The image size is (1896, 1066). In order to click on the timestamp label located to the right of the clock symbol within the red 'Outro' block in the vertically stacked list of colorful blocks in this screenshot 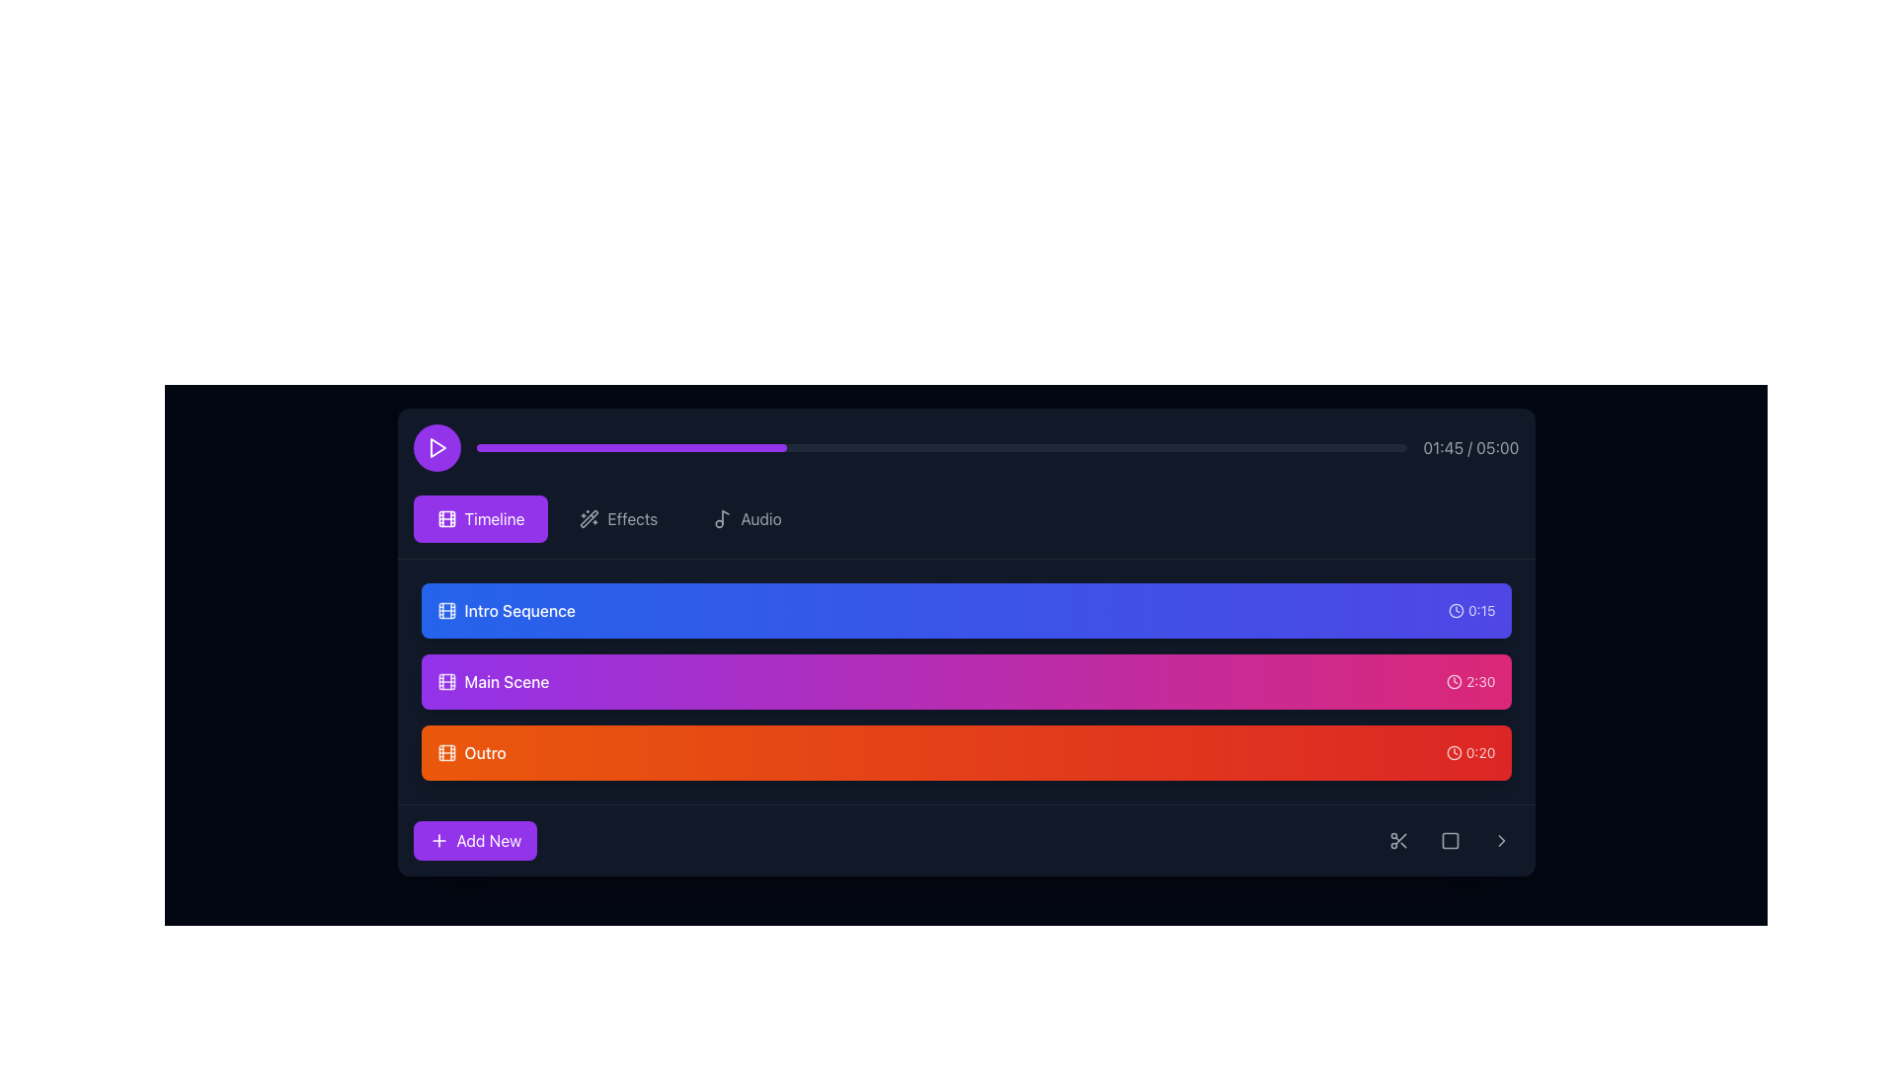, I will do `click(1480, 753)`.